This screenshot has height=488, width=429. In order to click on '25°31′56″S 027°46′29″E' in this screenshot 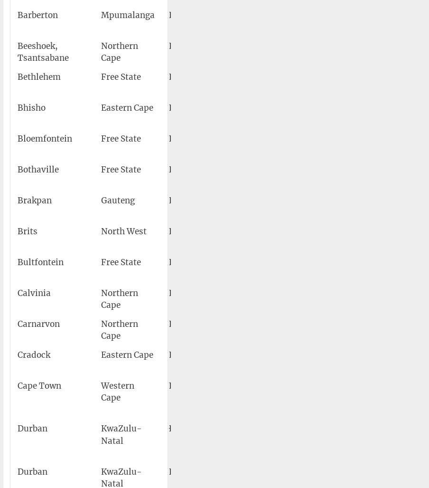, I will do `click(356, 237)`.